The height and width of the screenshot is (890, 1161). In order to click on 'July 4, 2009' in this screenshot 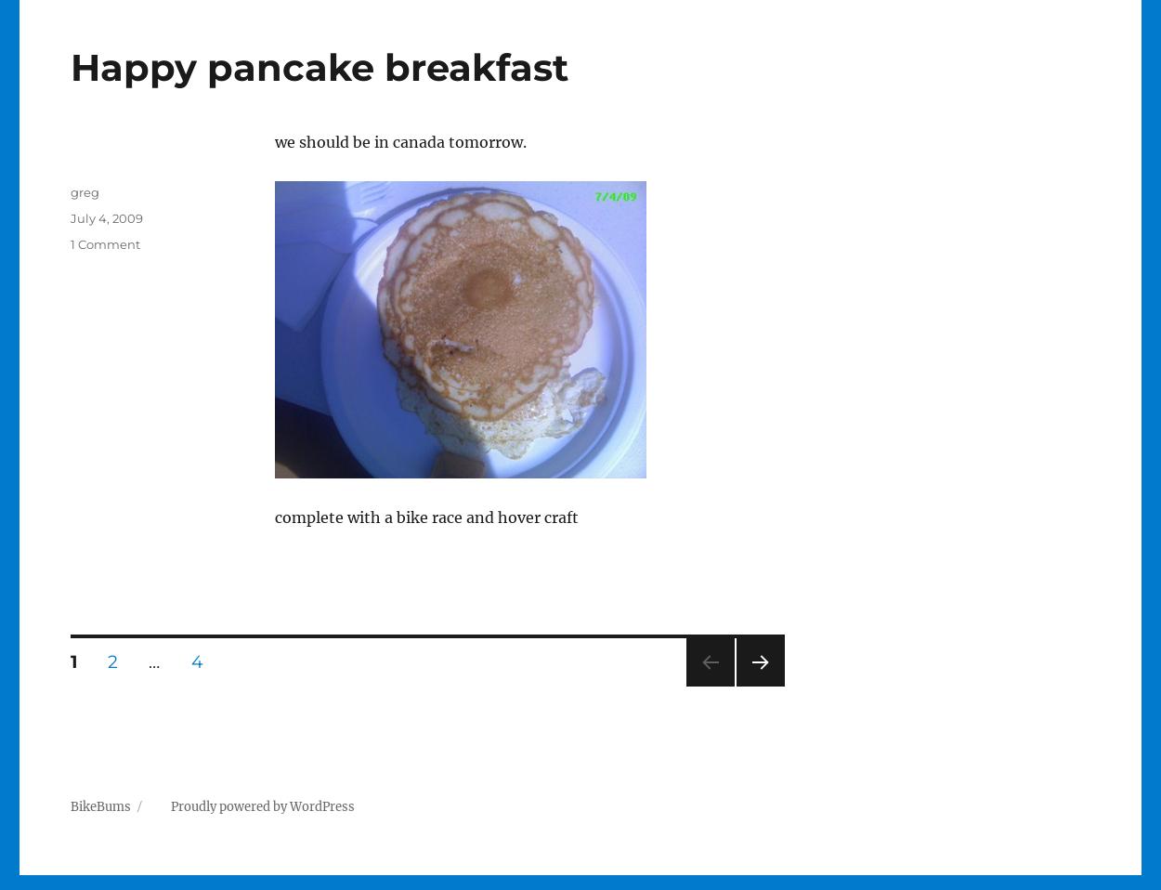, I will do `click(105, 216)`.